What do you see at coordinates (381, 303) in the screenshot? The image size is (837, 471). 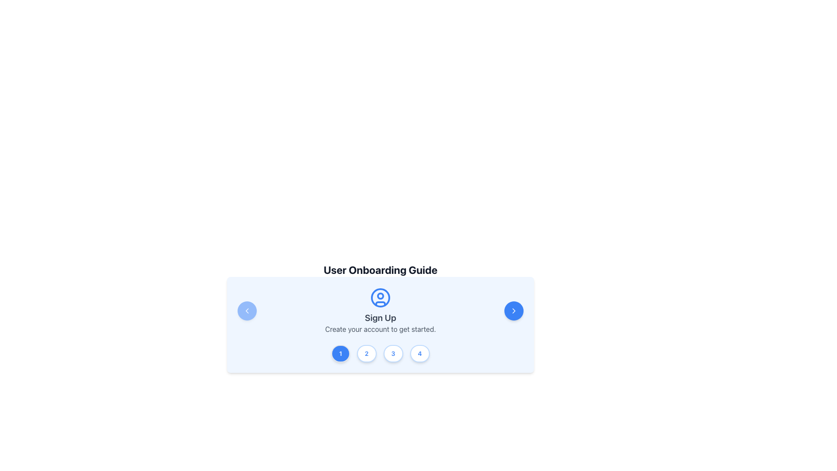 I see `the curved line at the bottom part of the user silhouette icon located at the center of the onboarding guide panel` at bounding box center [381, 303].